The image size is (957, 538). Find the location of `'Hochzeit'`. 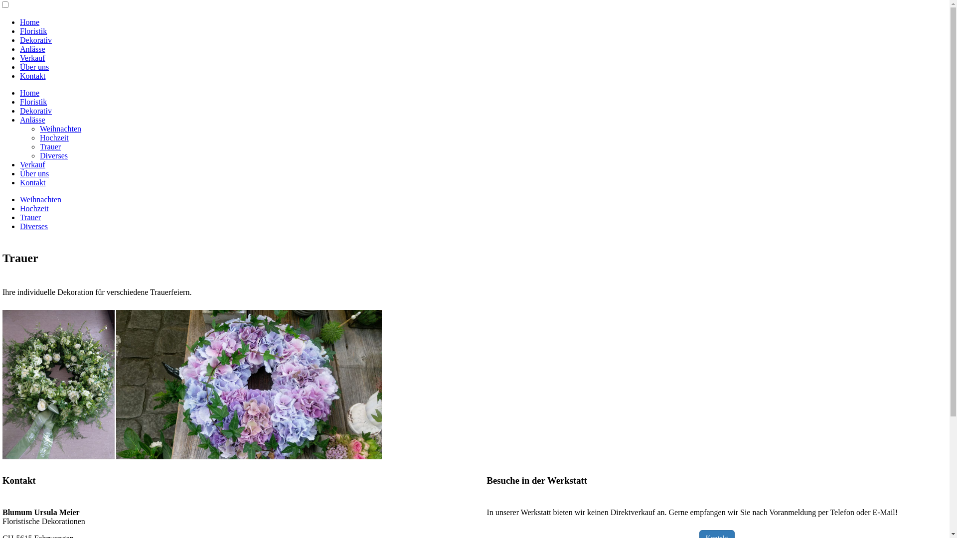

'Hochzeit' is located at coordinates (34, 208).